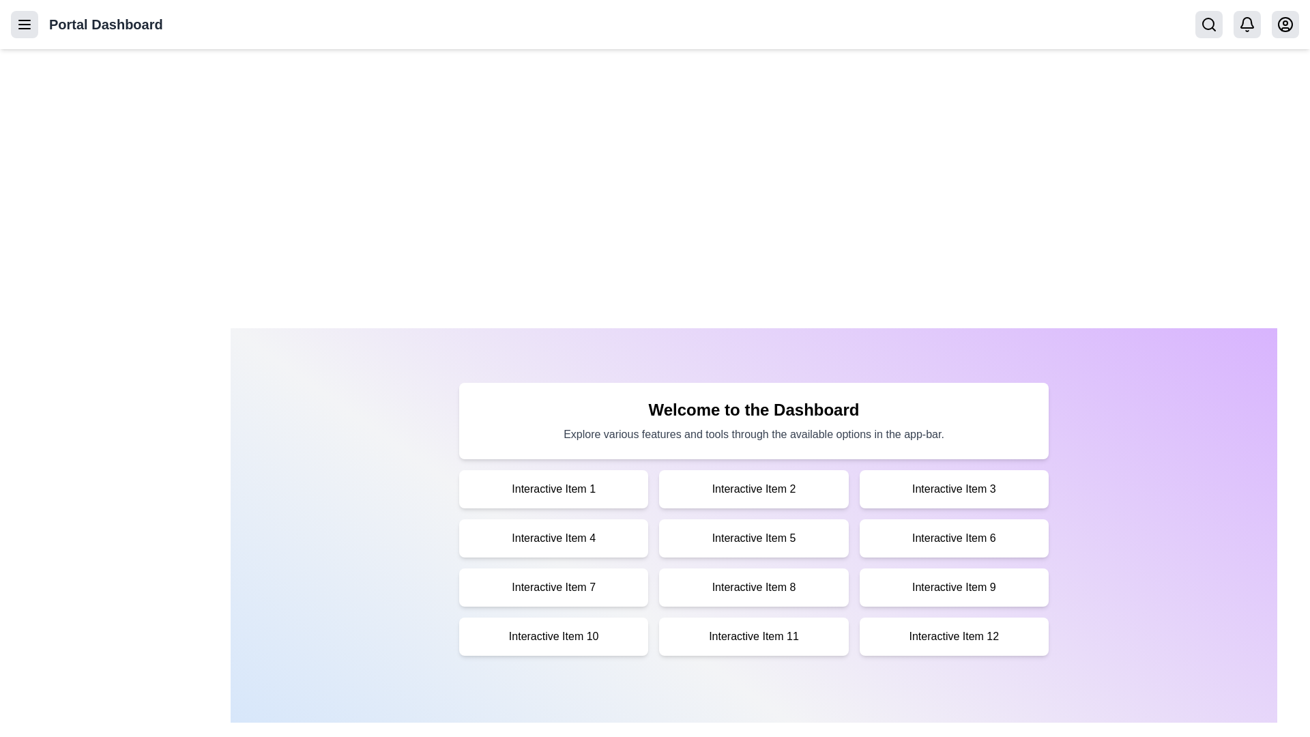 Image resolution: width=1310 pixels, height=737 pixels. Describe the element at coordinates (24, 24) in the screenshot. I see `the menu button in the app bar` at that location.